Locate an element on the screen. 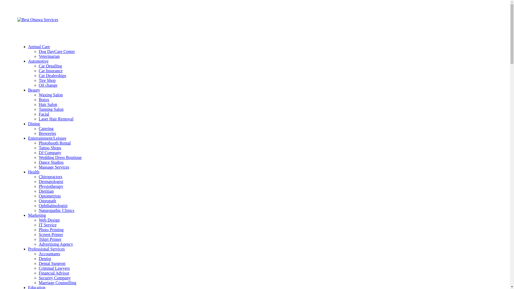  'Breweries' is located at coordinates (47, 133).